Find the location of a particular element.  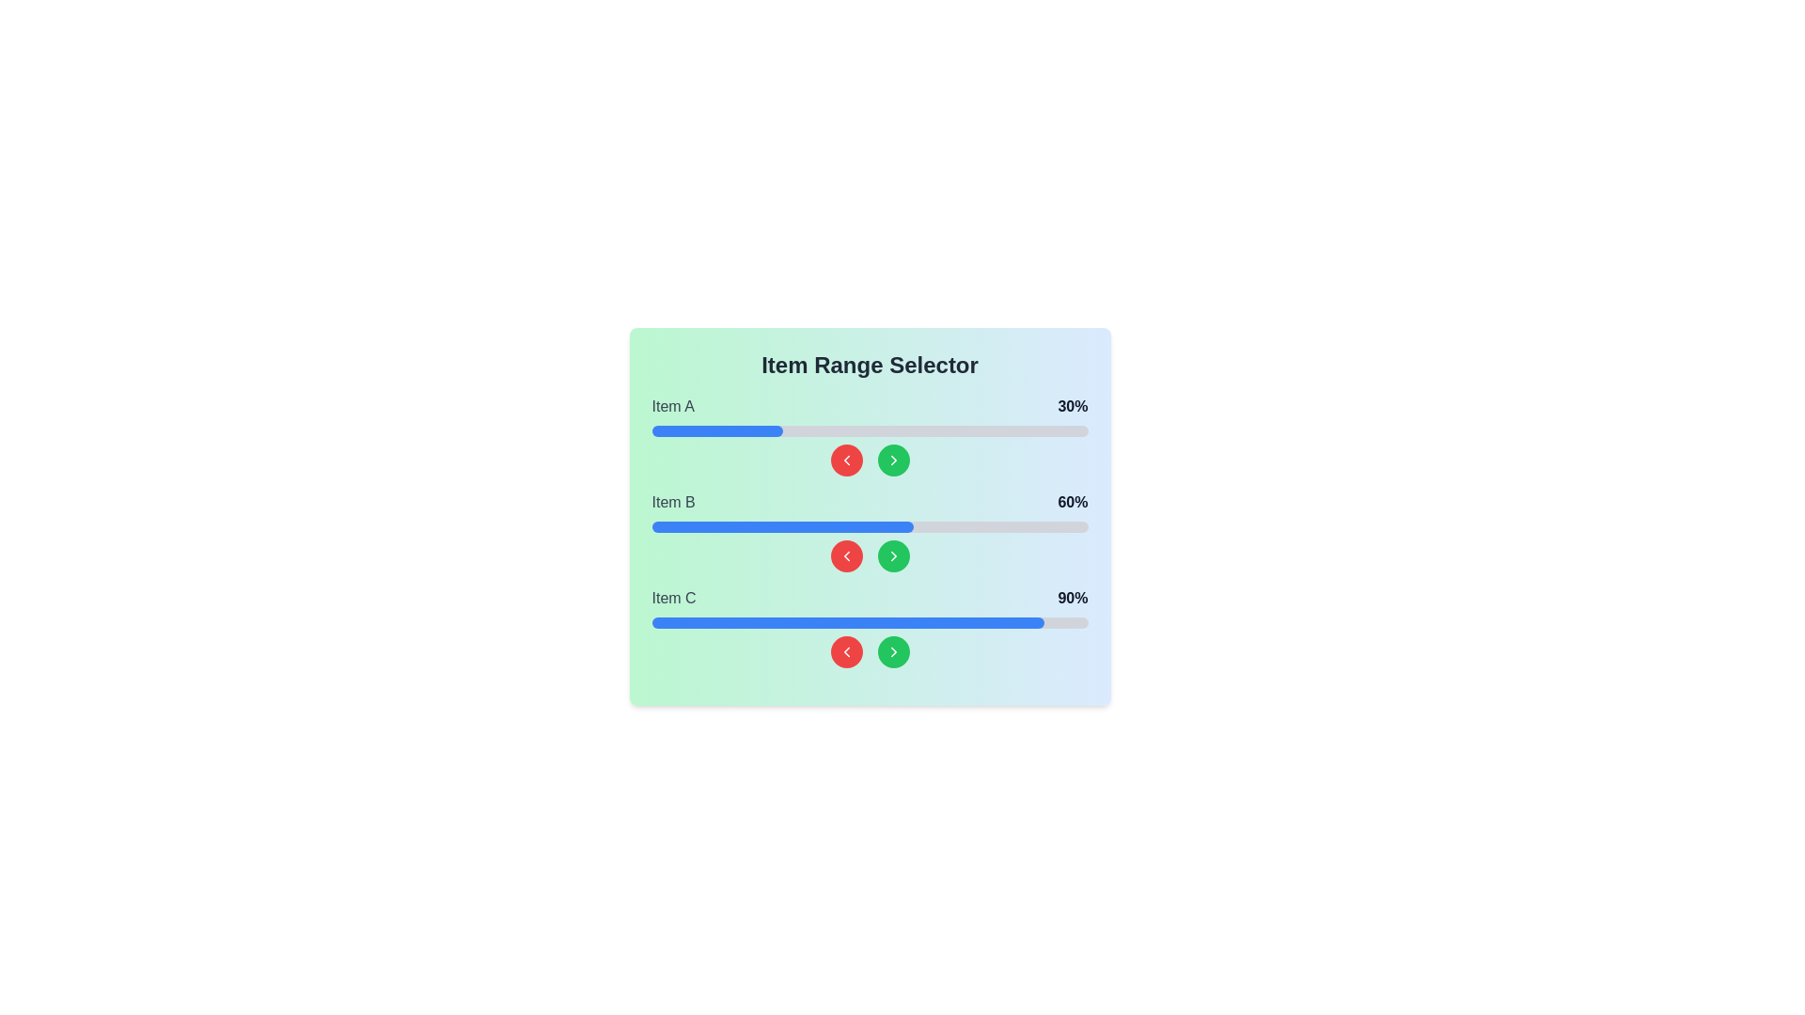

the value of Item C slider is located at coordinates (931, 623).